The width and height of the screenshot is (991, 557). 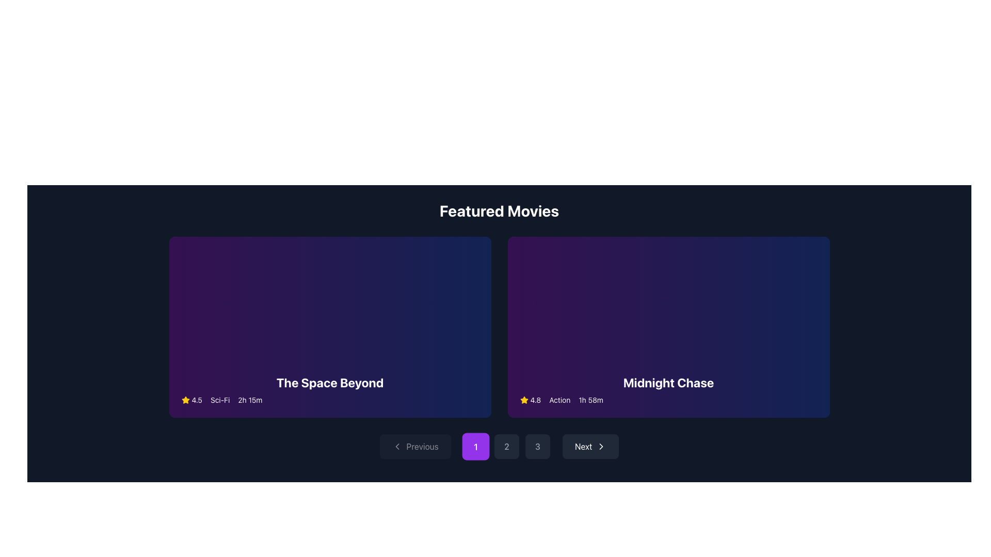 What do you see at coordinates (499, 210) in the screenshot?
I see `the Header or Title Text element that provides a title for the featured movies section, which is centrally aligned at the top of the movie cards layout` at bounding box center [499, 210].